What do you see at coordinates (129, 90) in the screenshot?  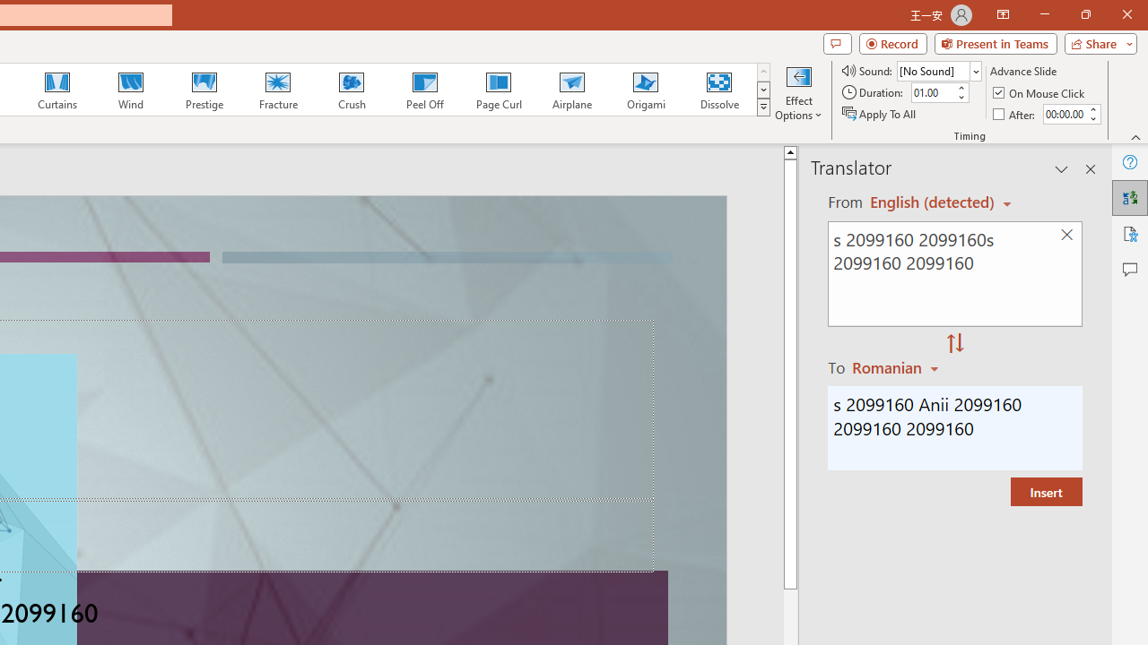 I see `'Wind'` at bounding box center [129, 90].